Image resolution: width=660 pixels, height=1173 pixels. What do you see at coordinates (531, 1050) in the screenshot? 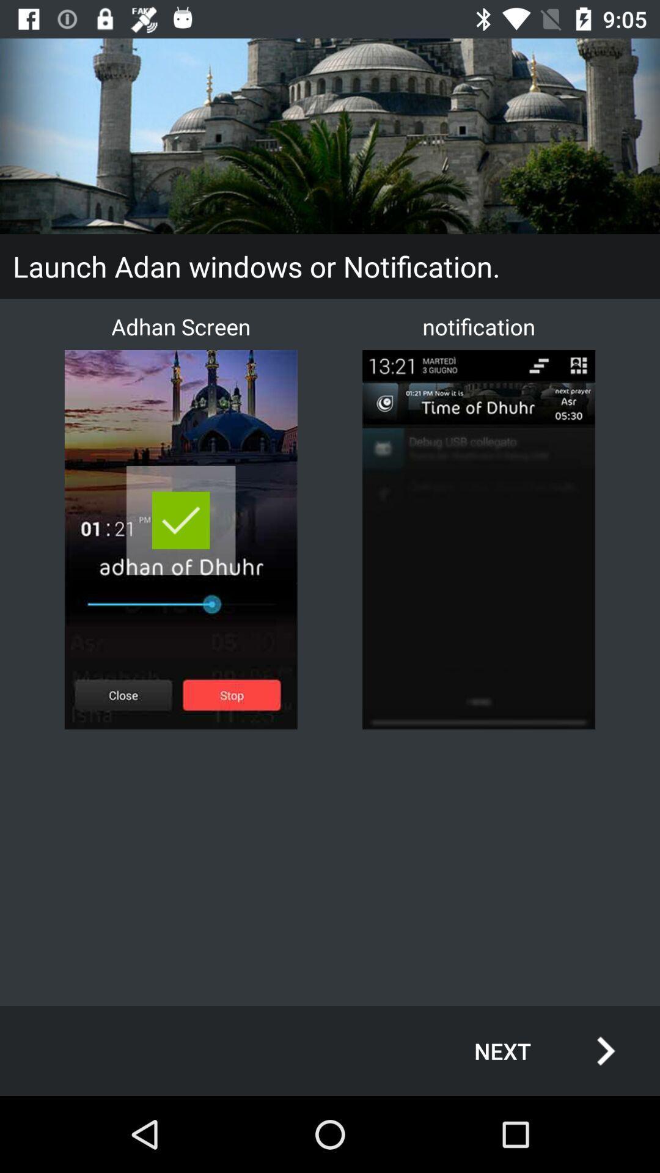
I see `the next item` at bounding box center [531, 1050].